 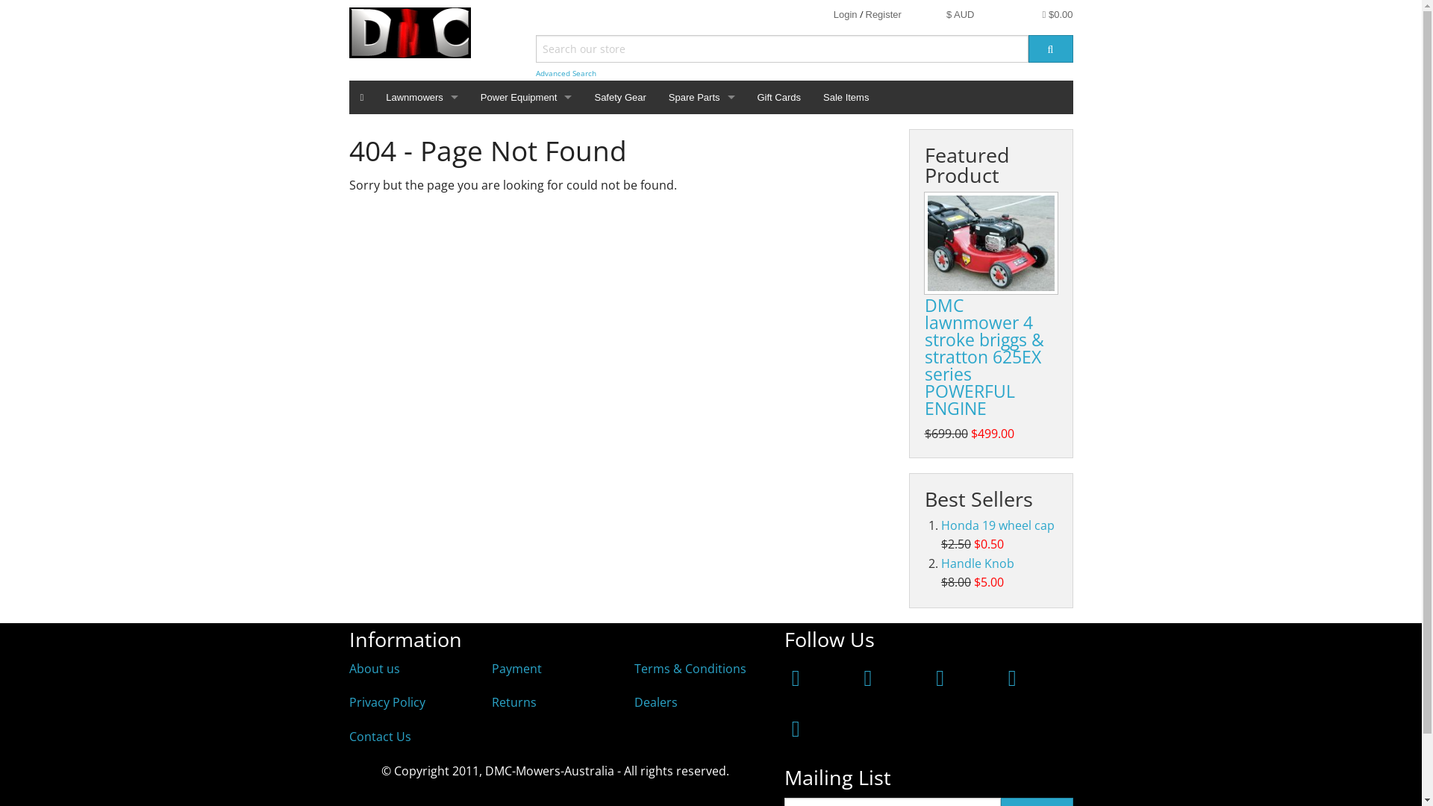 I want to click on 'Dealers', so click(x=655, y=702).